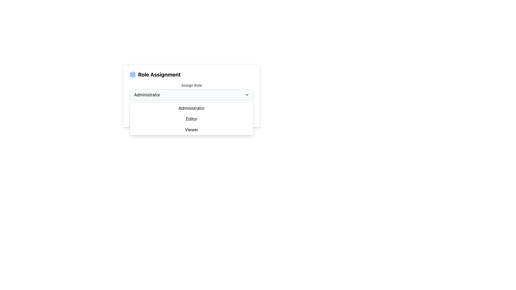  Describe the element at coordinates (192, 129) in the screenshot. I see `the 'Viewer' dropdown item, which is the third option in the dropdown menu below the 'Role Assignment' label` at that location.